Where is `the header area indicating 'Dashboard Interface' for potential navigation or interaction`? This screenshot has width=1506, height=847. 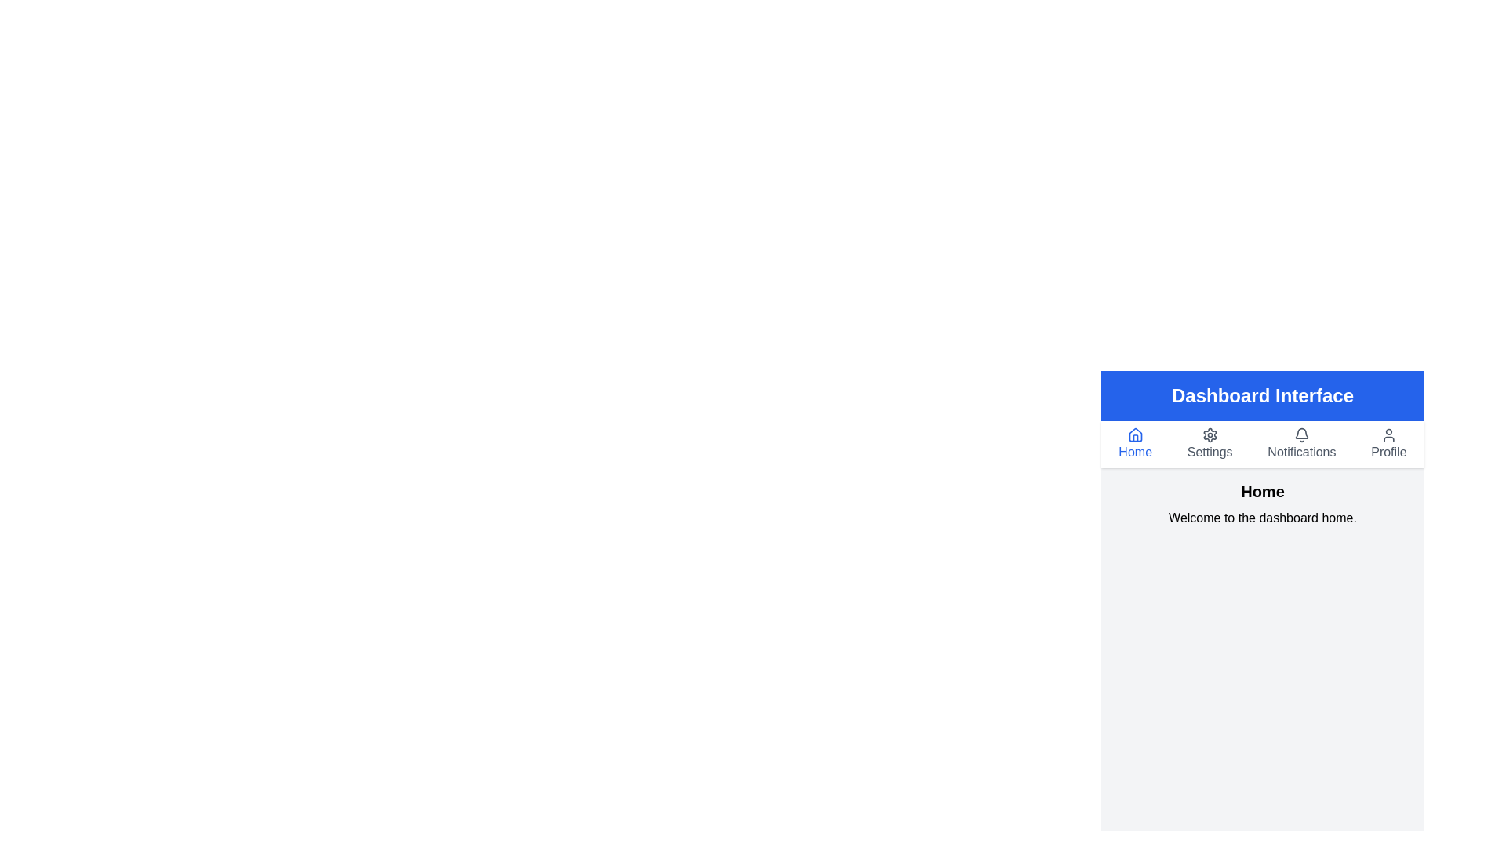 the header area indicating 'Dashboard Interface' for potential navigation or interaction is located at coordinates (1262, 395).